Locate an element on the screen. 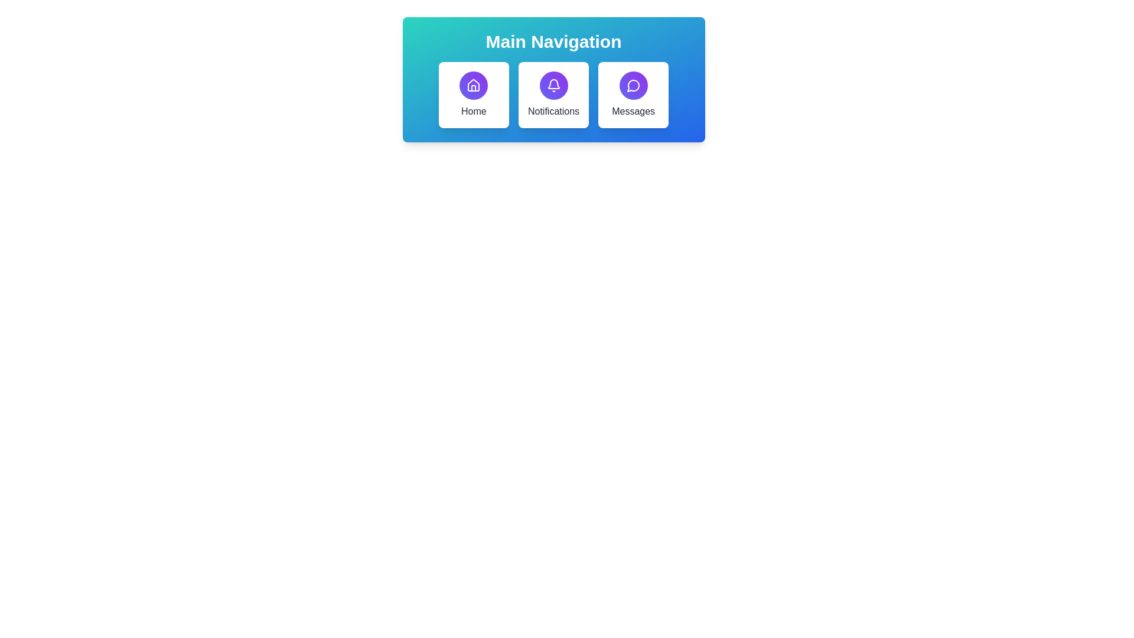 This screenshot has height=638, width=1134. the 'Home' icon, a non-interactive decorative element located at the top of the 'Home' card, positioned between the text label and the outer border is located at coordinates (474, 85).